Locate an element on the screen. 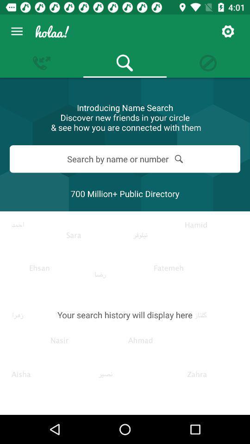 Image resolution: width=250 pixels, height=444 pixels. settings button is located at coordinates (227, 31).